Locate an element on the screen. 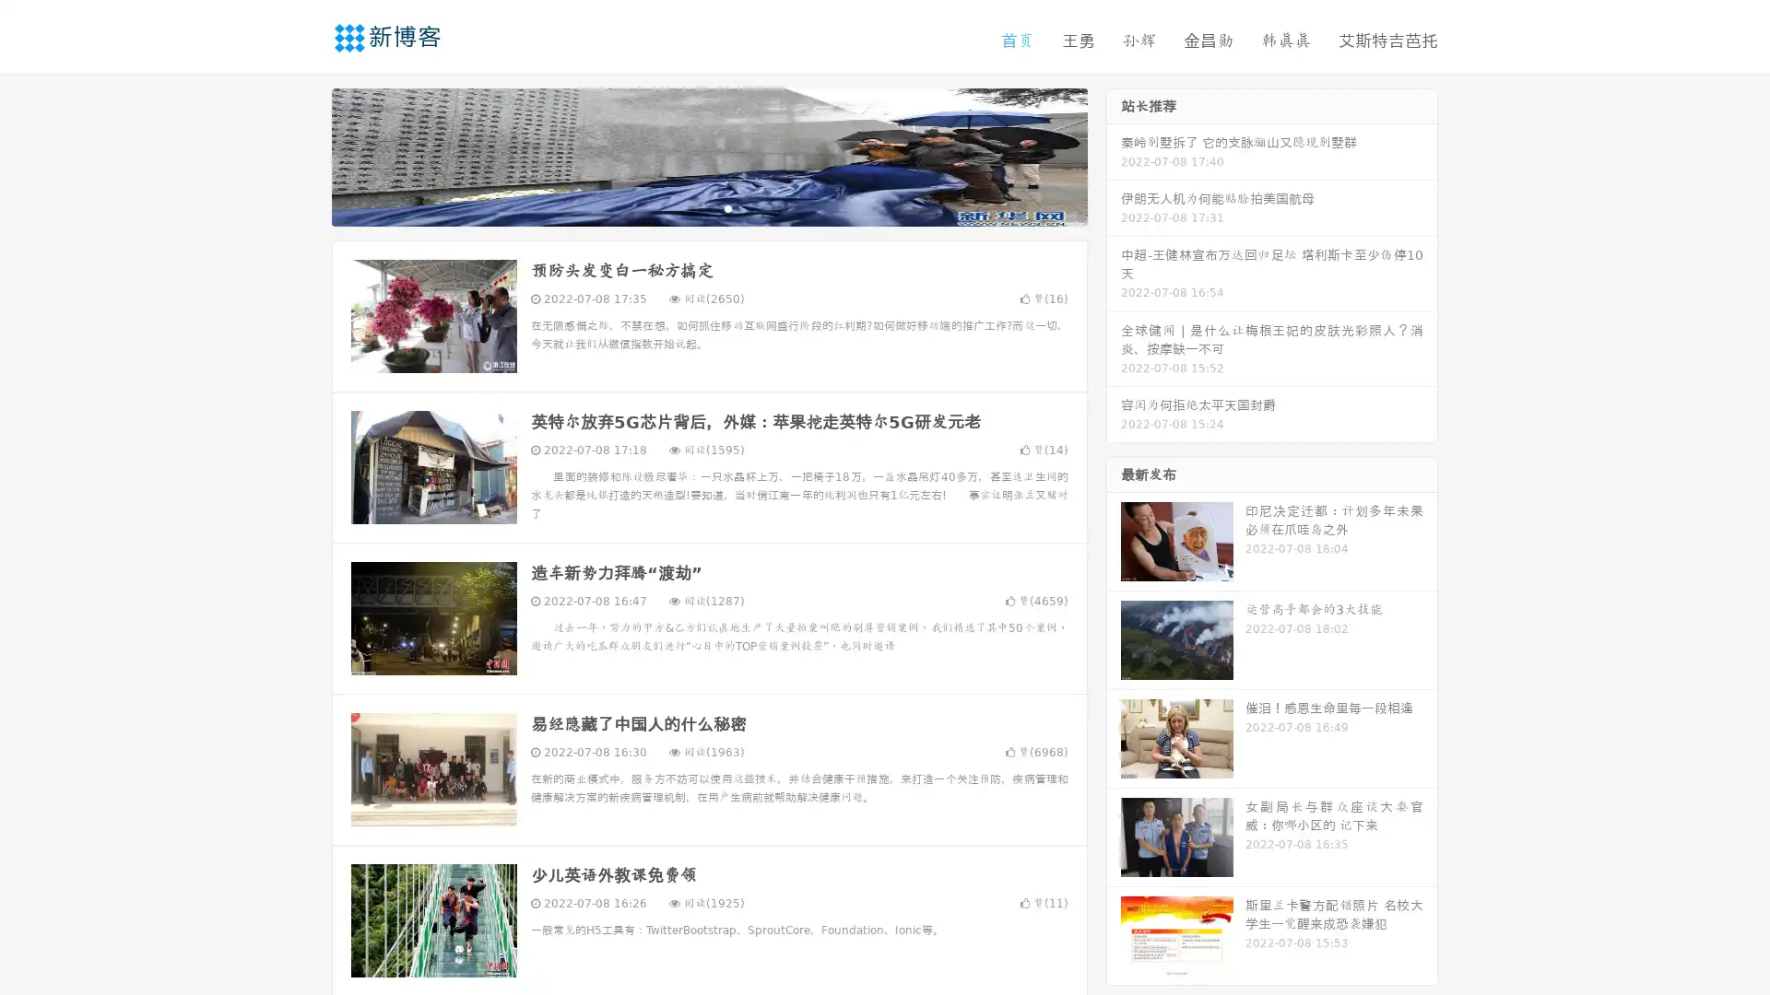 Image resolution: width=1770 pixels, height=995 pixels. Go to slide 2 is located at coordinates (708, 207).